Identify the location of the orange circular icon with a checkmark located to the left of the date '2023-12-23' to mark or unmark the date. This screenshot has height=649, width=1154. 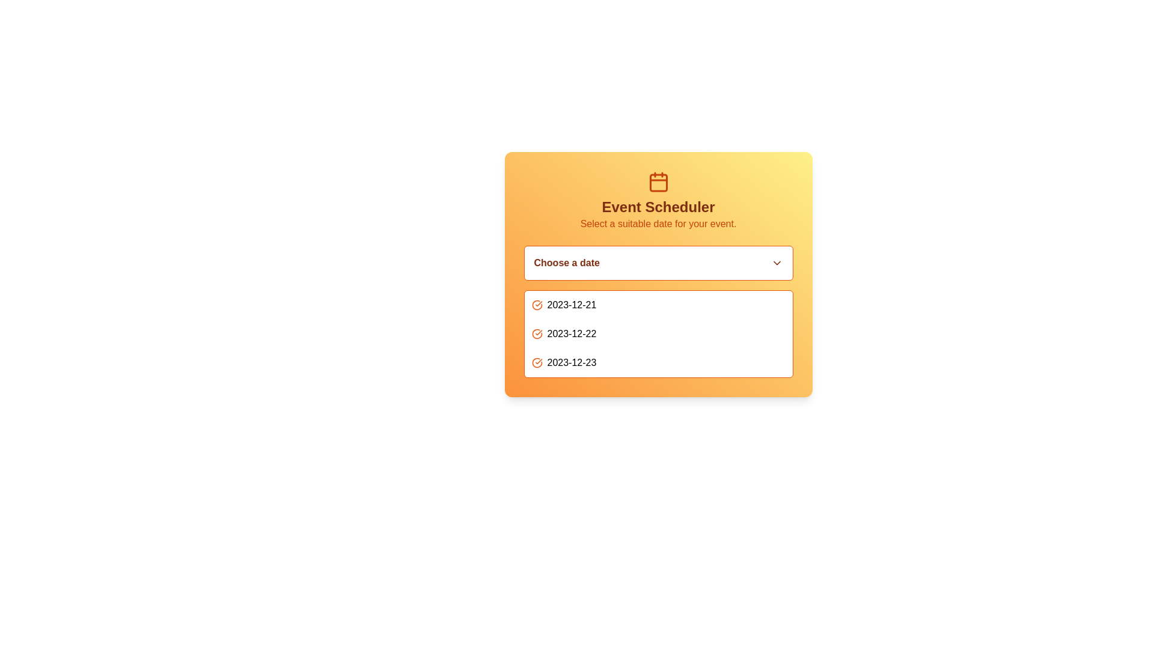
(536, 362).